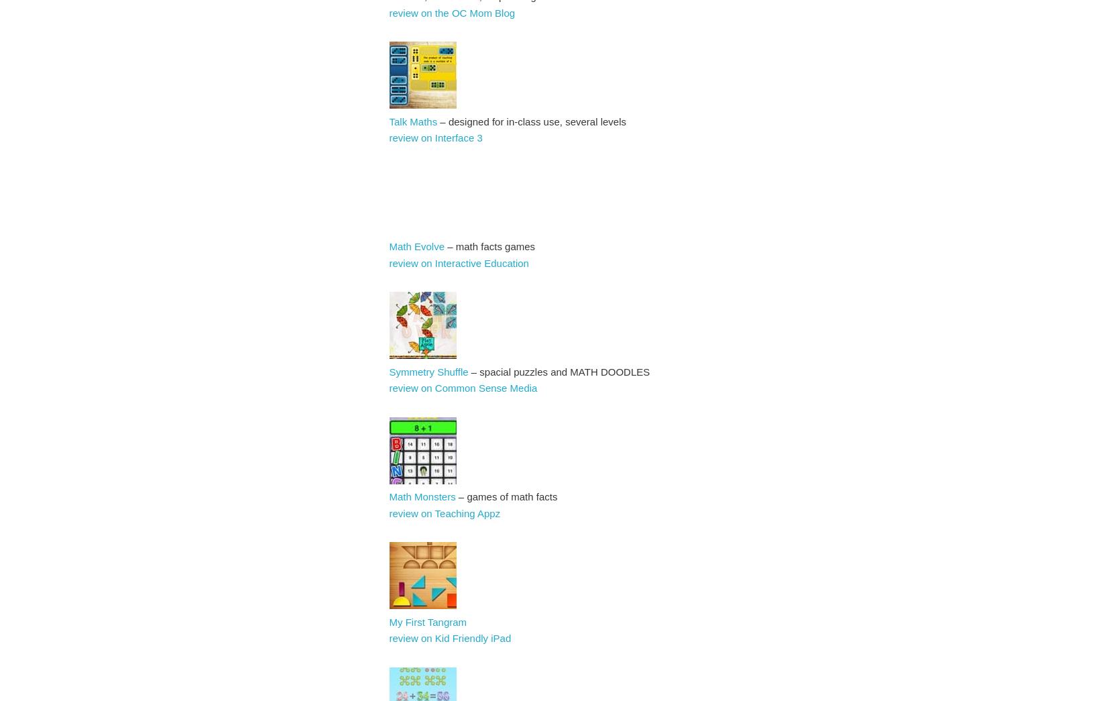  What do you see at coordinates (436, 138) in the screenshot?
I see `'review on Interface 3'` at bounding box center [436, 138].